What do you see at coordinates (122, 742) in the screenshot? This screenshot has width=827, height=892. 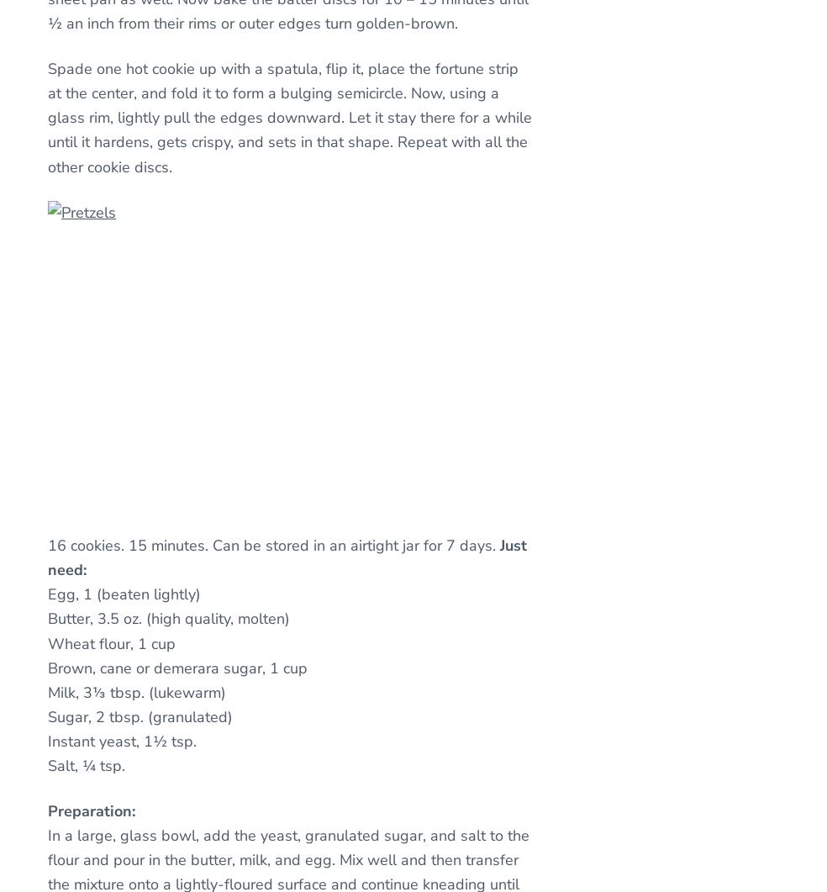 I see `'Instant yeast, 1½ tsp.'` at bounding box center [122, 742].